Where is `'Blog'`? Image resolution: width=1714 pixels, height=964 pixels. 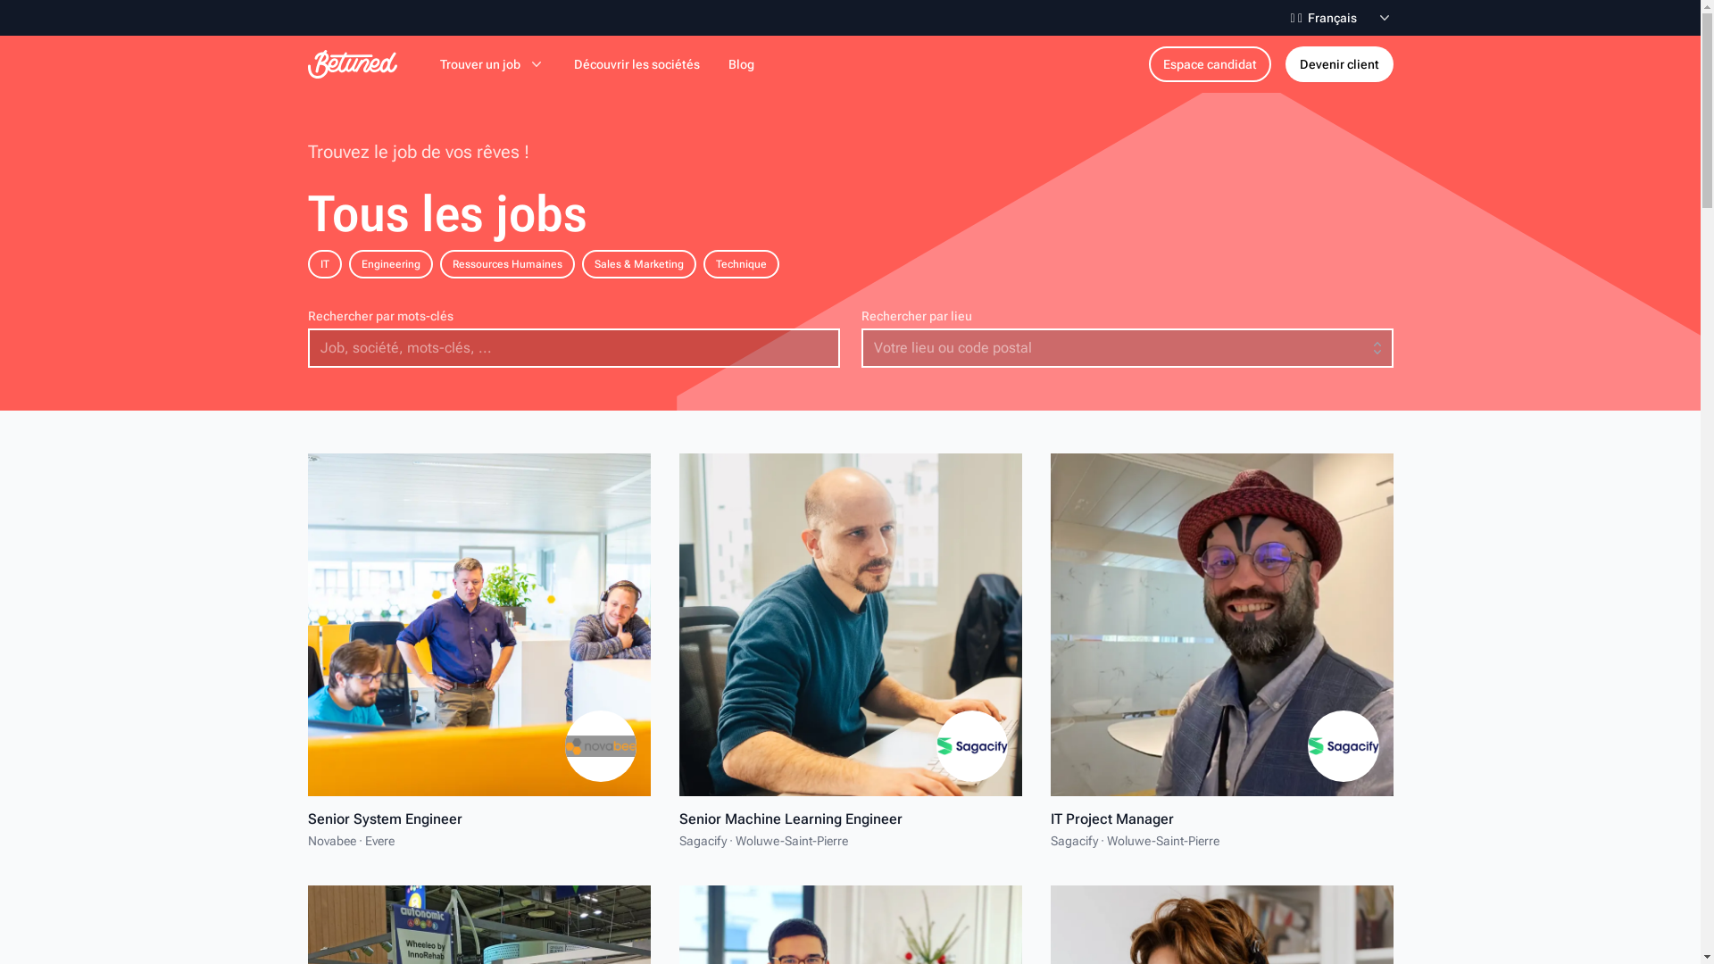 'Blog' is located at coordinates (741, 63).